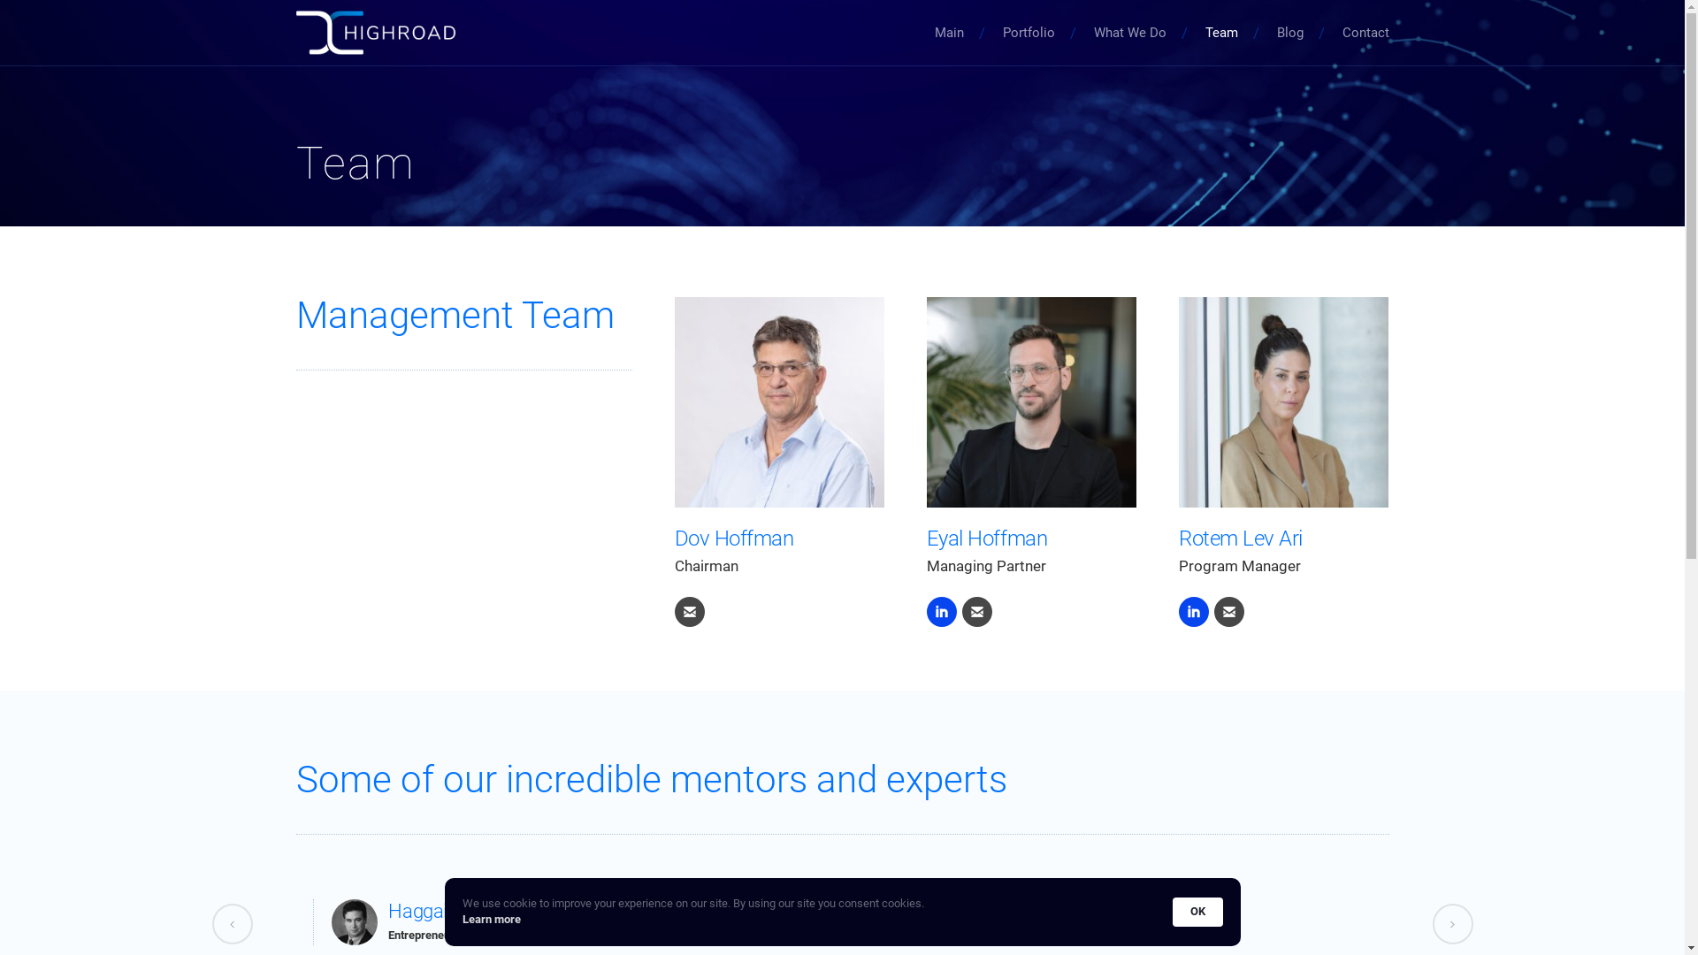 The height and width of the screenshot is (955, 1698). Describe the element at coordinates (491, 919) in the screenshot. I see `'Learn more'` at that location.